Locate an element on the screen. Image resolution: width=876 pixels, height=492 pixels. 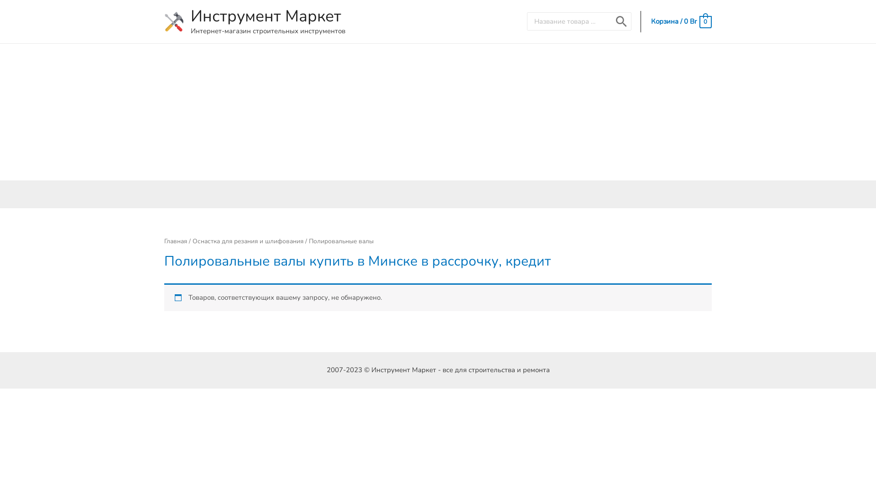
'Advertisement' is located at coordinates (438, 112).